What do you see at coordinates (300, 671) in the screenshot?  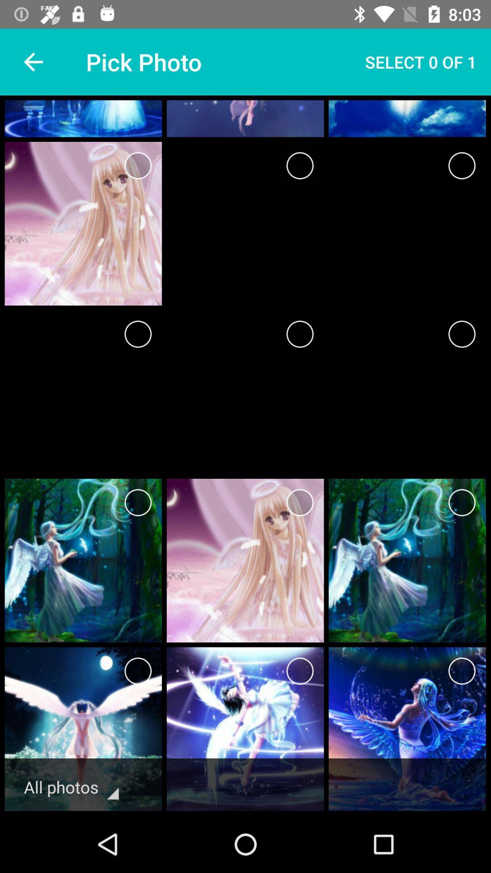 I see `image` at bounding box center [300, 671].